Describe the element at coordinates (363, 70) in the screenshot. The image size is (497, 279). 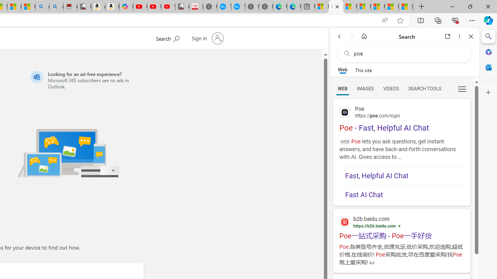
I see `'This site scope'` at that location.